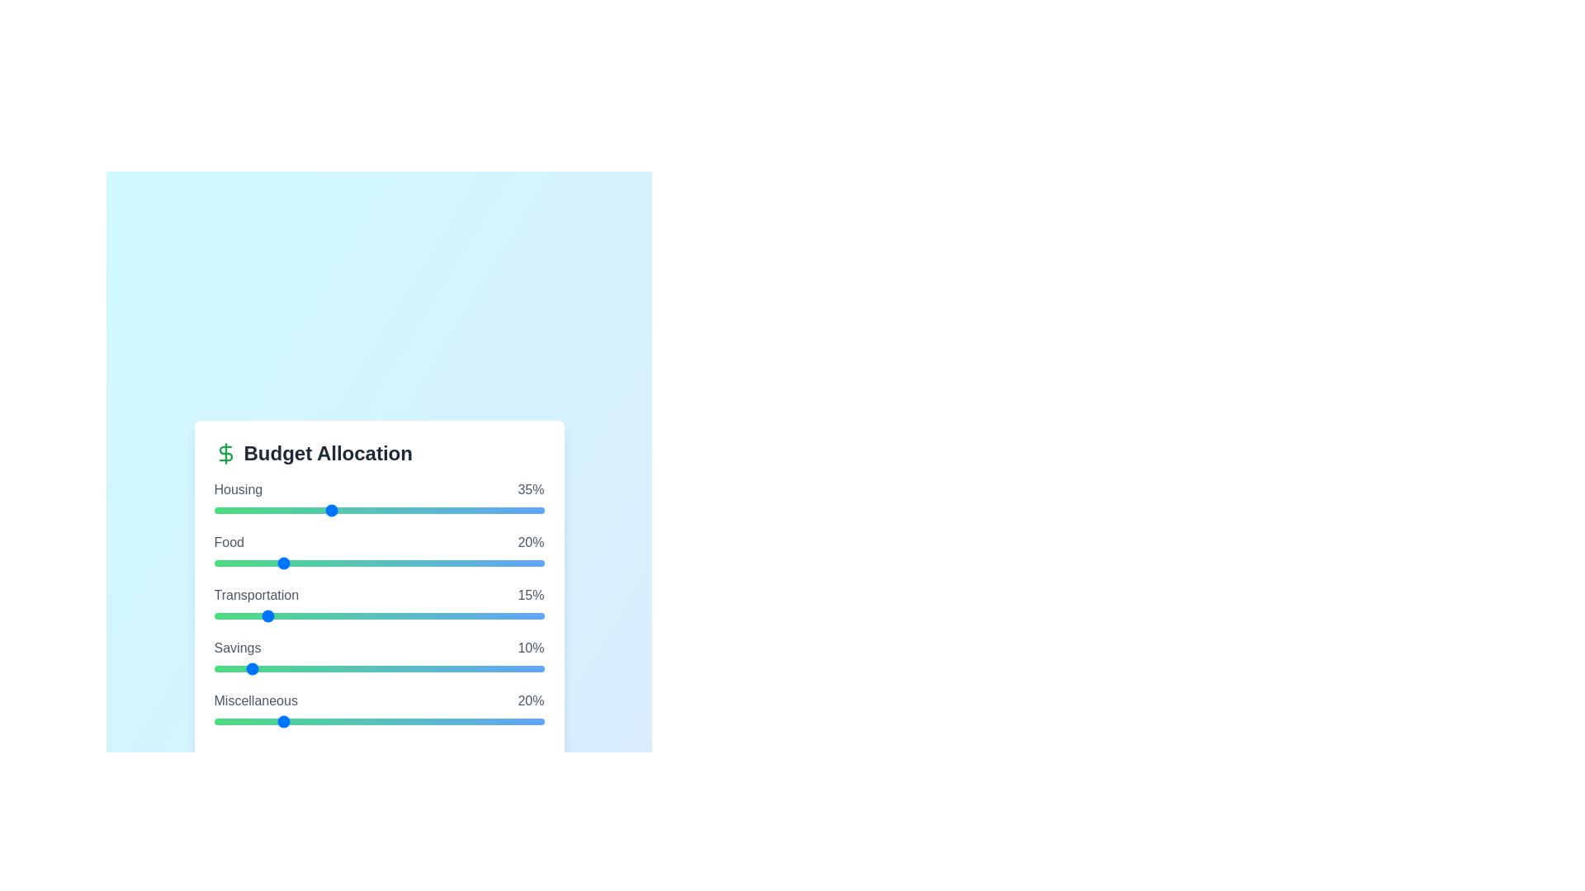  What do you see at coordinates (255, 595) in the screenshot?
I see `the category name Transportation to focus on it` at bounding box center [255, 595].